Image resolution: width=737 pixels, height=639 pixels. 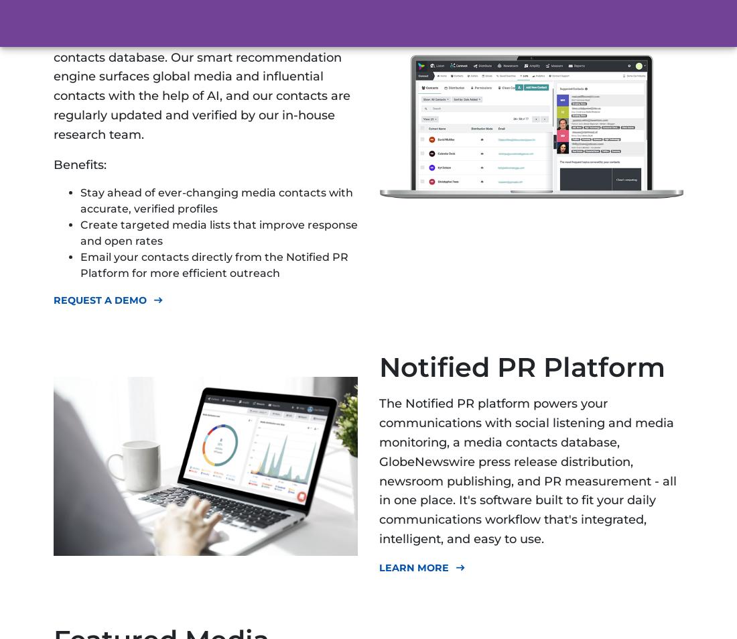 What do you see at coordinates (528, 471) in the screenshot?
I see `'The Notified PR platform powers your communications with social listening and media monitoring, a media contacts database, GlobeNewswire press release distribution, newsroom publishing, and PR measurement - all in one place. It's software built to fit your daily communications workflow that's integrated, intelligent, and easy to use.'` at bounding box center [528, 471].